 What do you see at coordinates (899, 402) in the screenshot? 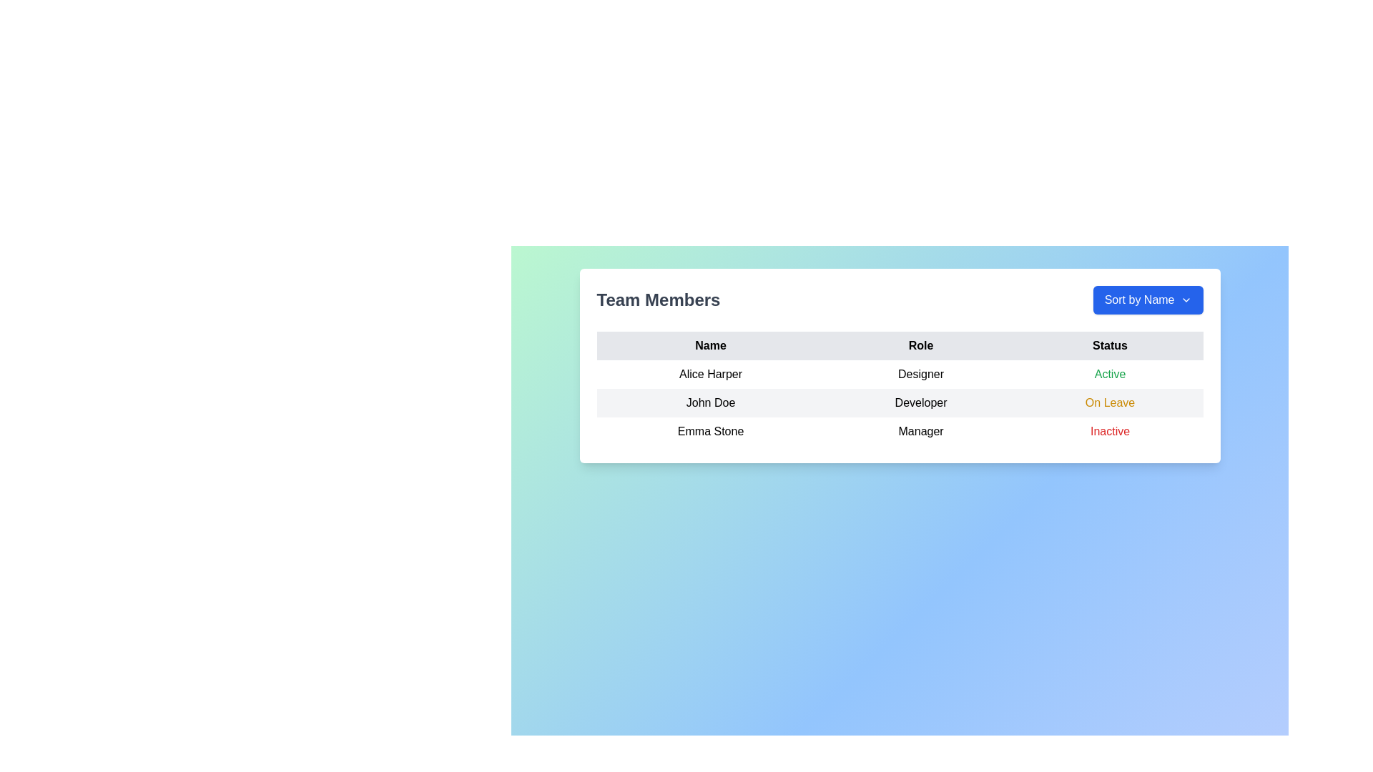
I see `the second row of the 'Team Members' table` at bounding box center [899, 402].